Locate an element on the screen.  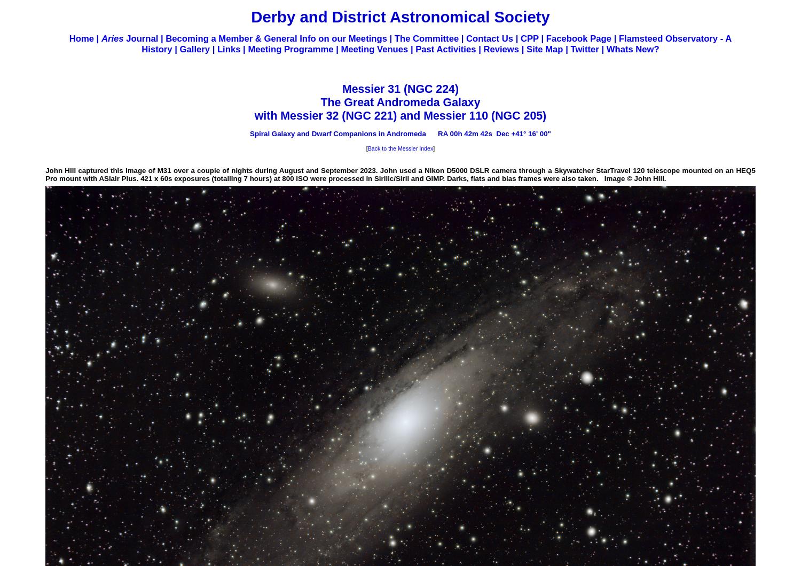
'[' is located at coordinates (366, 147).